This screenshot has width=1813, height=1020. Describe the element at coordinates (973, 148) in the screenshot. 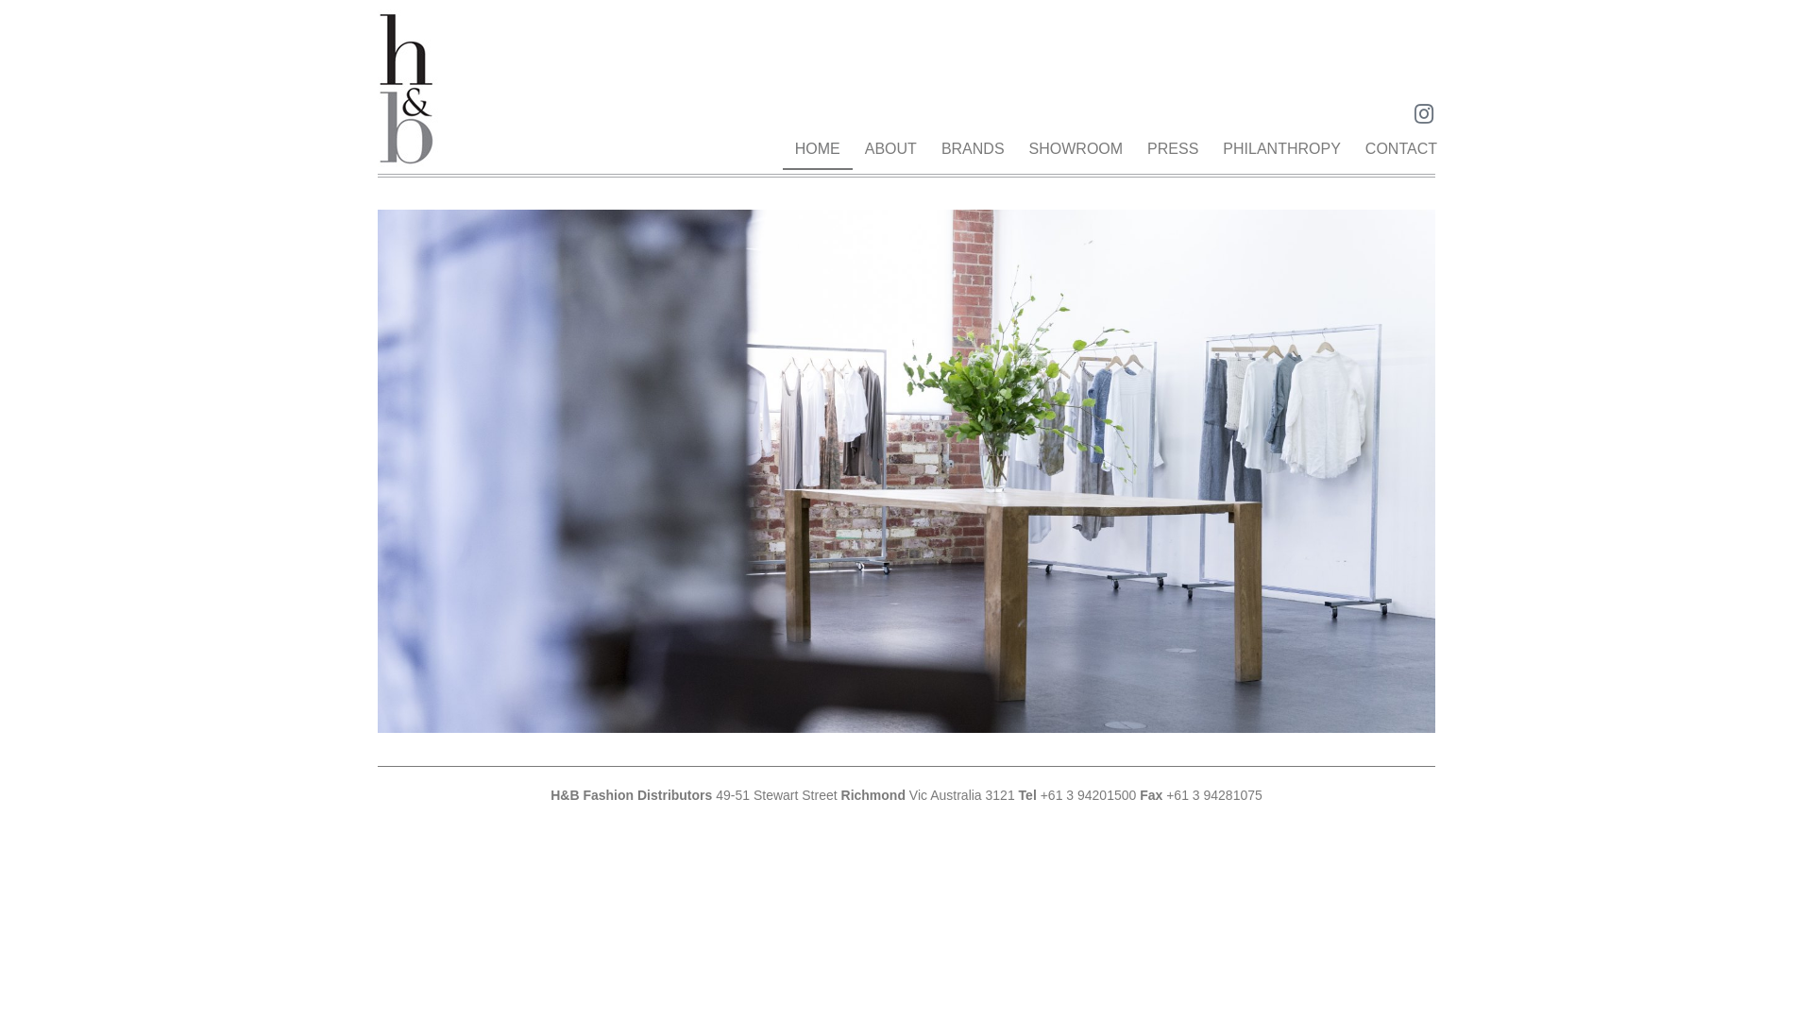

I see `'BRANDS'` at that location.